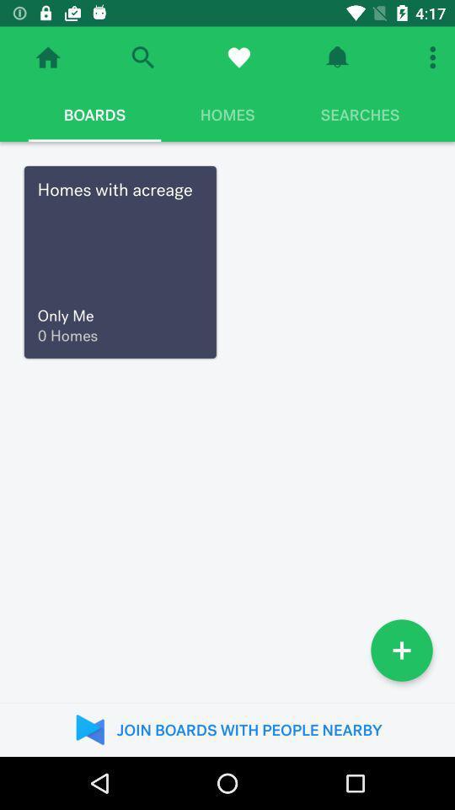 The image size is (455, 810). What do you see at coordinates (337, 57) in the screenshot?
I see `notifications` at bounding box center [337, 57].